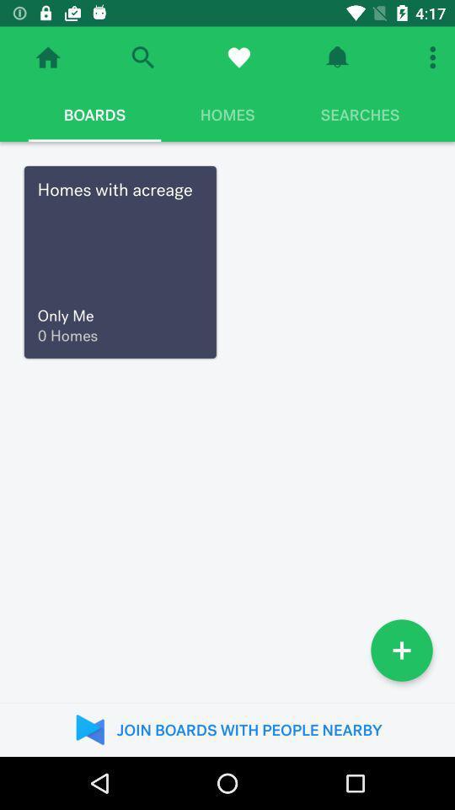 The image size is (455, 810). What do you see at coordinates (337, 57) in the screenshot?
I see `notifications` at bounding box center [337, 57].